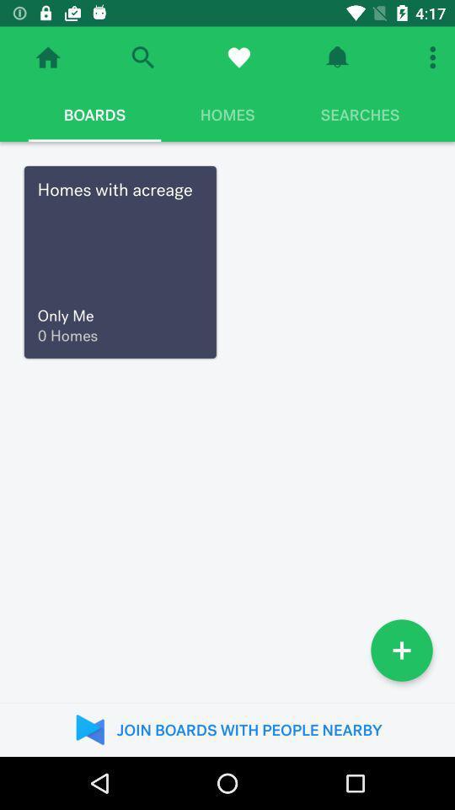 The image size is (455, 810). What do you see at coordinates (337, 57) in the screenshot?
I see `notifications` at bounding box center [337, 57].